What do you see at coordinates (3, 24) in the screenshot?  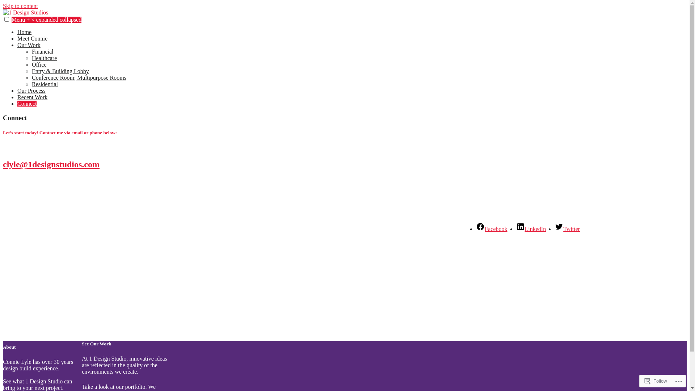 I see `'1 Design Studios'` at bounding box center [3, 24].